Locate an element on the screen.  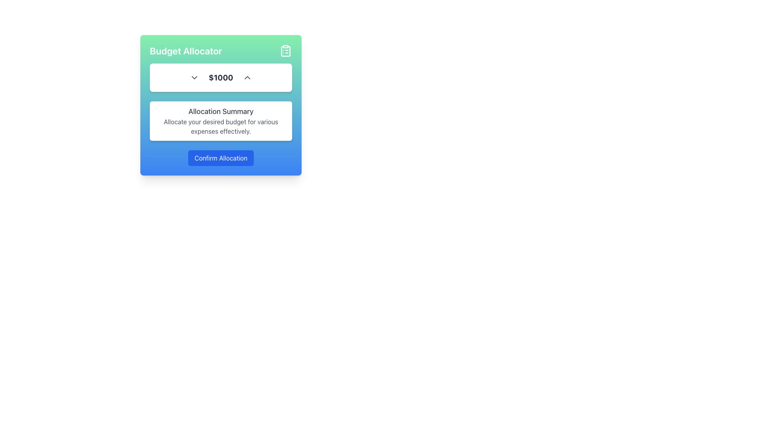
the clipboard icon located in the top right corner of the 'Budget Allocator' panel is located at coordinates (285, 50).